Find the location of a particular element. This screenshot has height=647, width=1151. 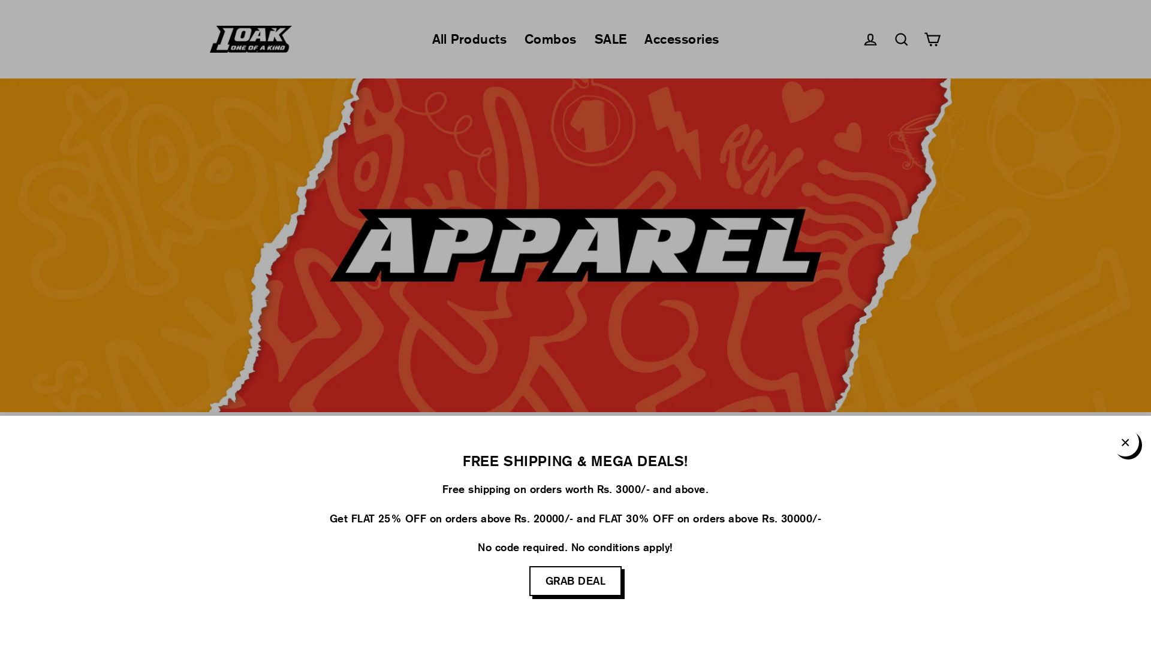

'Cart' is located at coordinates (932, 38).